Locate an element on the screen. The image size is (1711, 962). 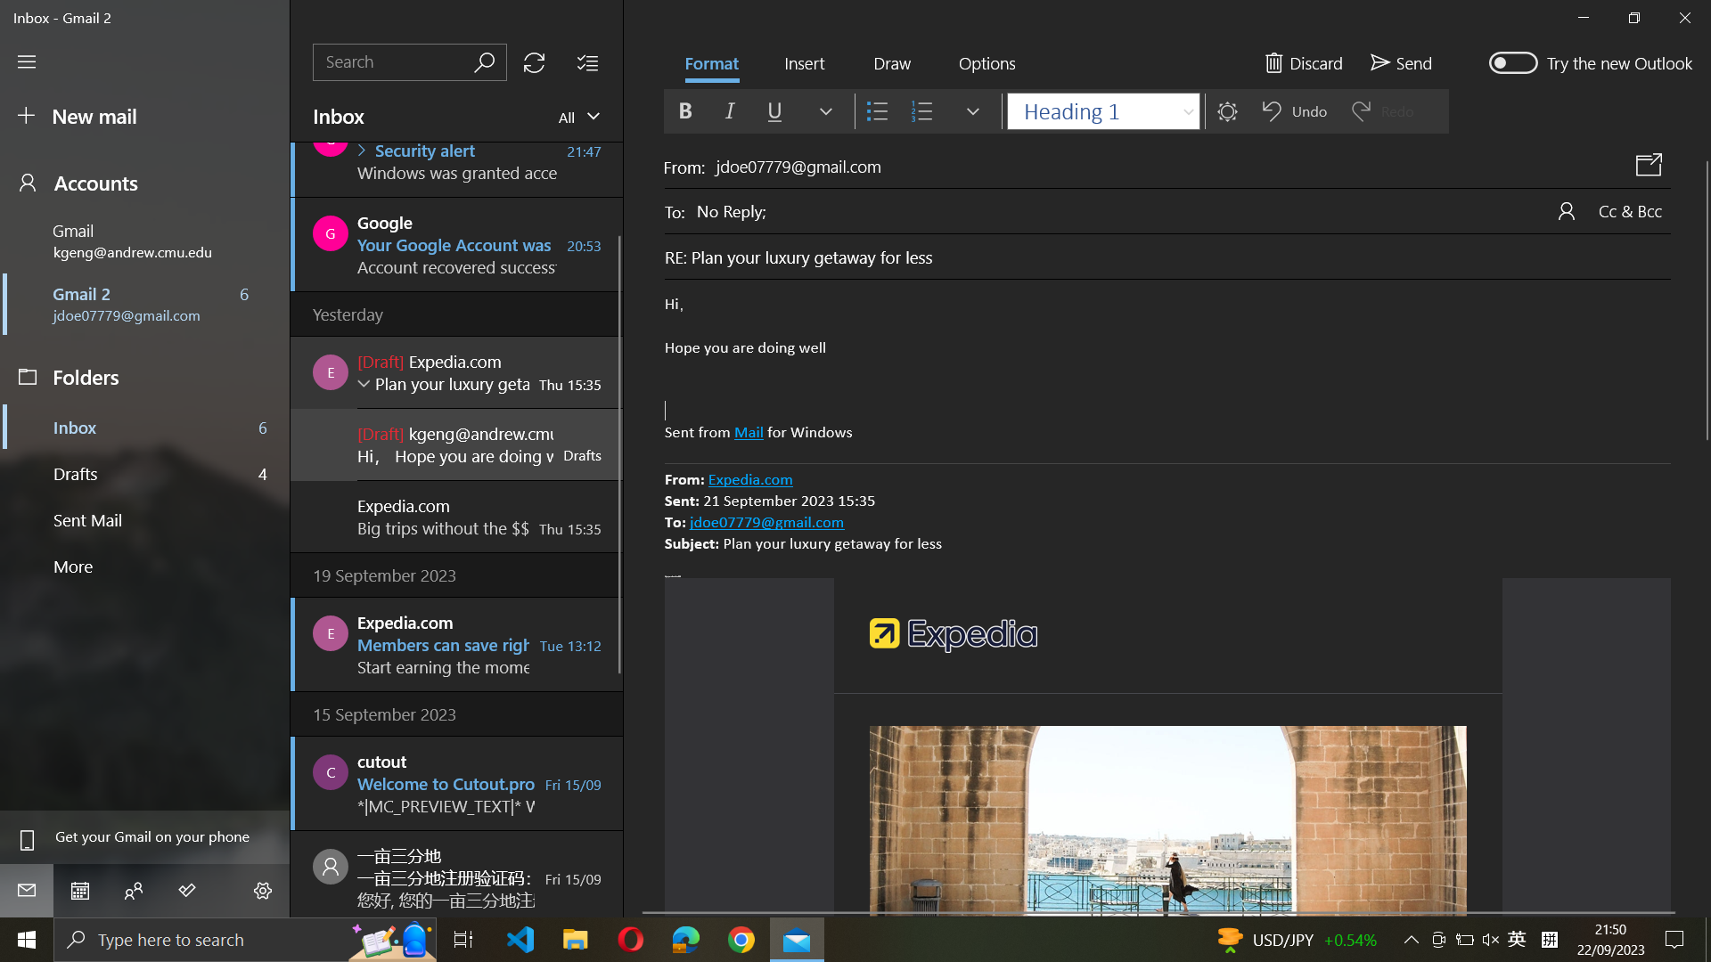
Send the draft mail is located at coordinates (1398, 61).